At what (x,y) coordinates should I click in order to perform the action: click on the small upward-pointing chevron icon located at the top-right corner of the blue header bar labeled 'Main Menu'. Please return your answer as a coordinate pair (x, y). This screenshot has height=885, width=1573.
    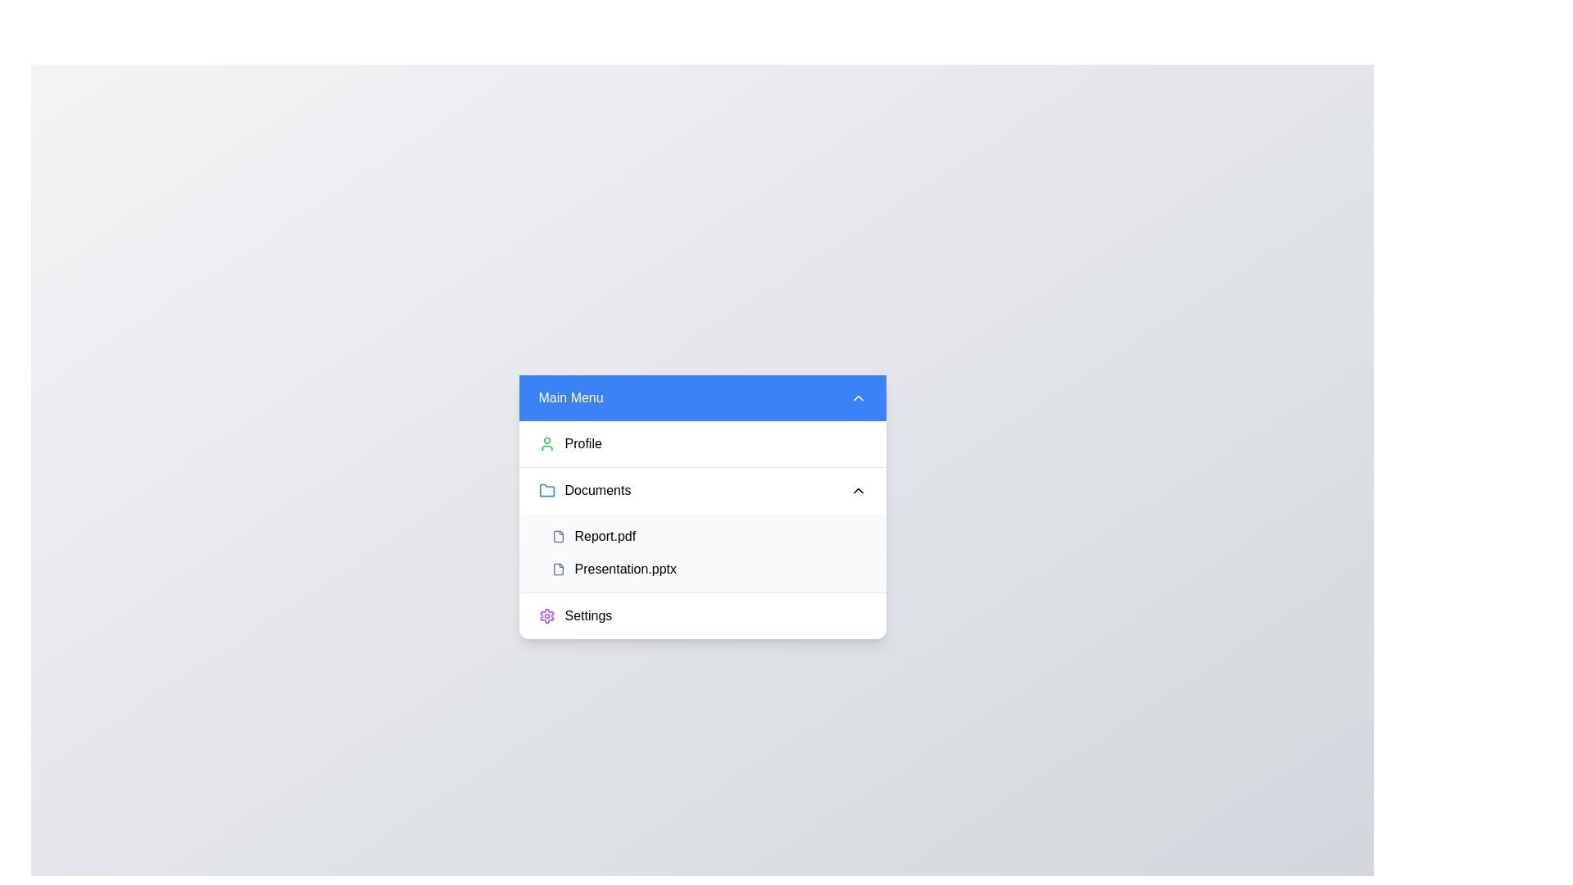
    Looking at the image, I should click on (857, 398).